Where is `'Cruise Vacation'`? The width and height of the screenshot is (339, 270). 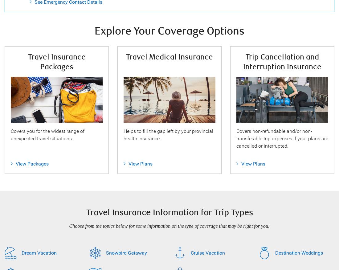
'Cruise Vacation' is located at coordinates (207, 252).